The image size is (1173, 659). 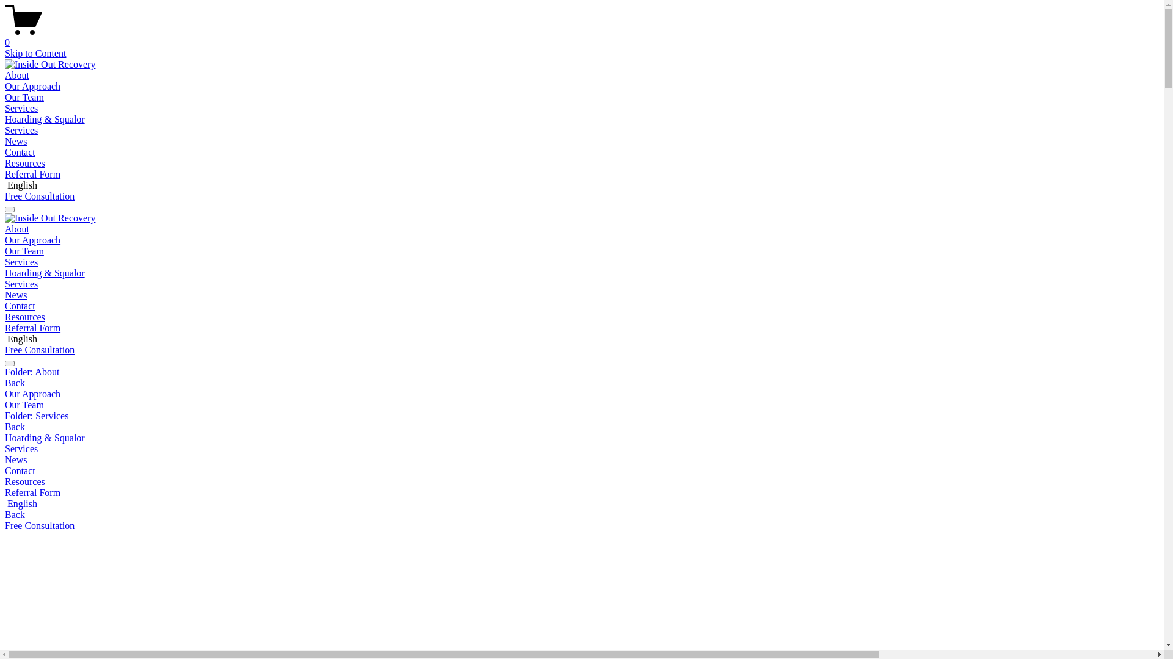 What do you see at coordinates (581, 449) in the screenshot?
I see `'Services'` at bounding box center [581, 449].